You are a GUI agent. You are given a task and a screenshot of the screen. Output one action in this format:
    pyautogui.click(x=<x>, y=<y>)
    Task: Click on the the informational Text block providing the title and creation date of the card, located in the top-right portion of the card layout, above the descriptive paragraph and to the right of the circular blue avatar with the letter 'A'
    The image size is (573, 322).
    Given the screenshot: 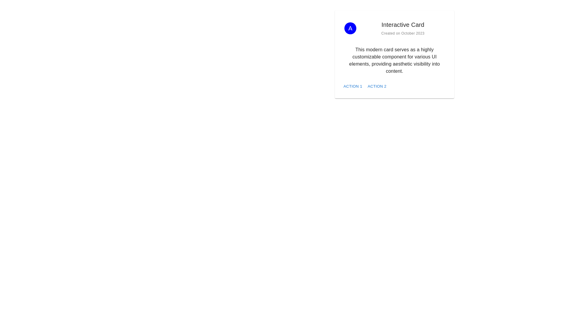 What is the action you would take?
    pyautogui.click(x=403, y=28)
    